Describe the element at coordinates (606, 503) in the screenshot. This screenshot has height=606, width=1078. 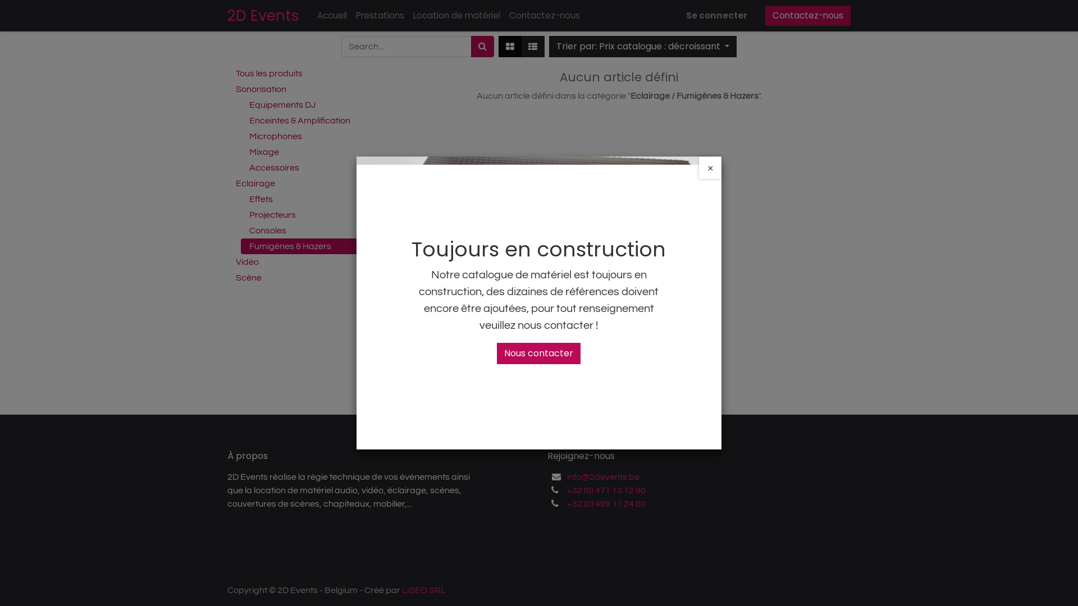
I see `'+32 (0) 499 11 24 00'` at that location.